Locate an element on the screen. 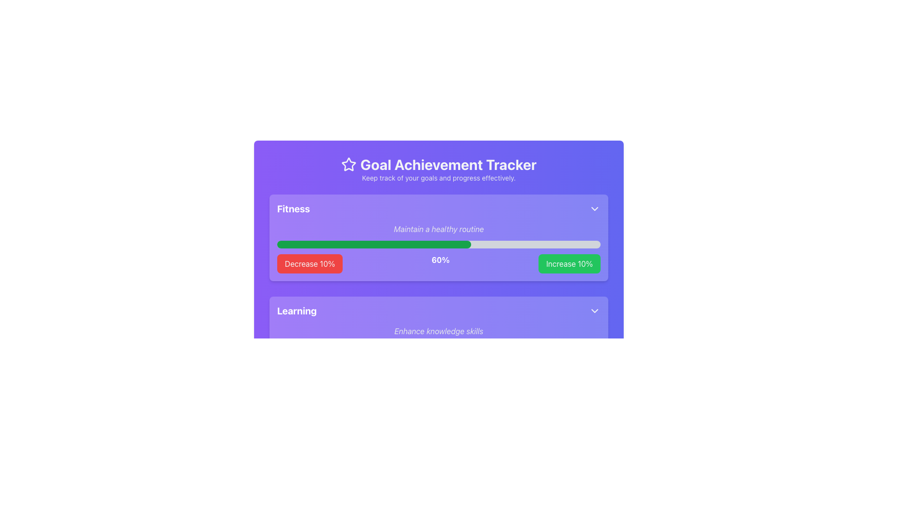 The height and width of the screenshot is (520, 924). the Progress Bar located centrally within the 'Fitness' card, positioned below 'Maintain a healthy routine' and above the controls 'Decrease 10%' and 'Increase 10% is located at coordinates (438, 244).